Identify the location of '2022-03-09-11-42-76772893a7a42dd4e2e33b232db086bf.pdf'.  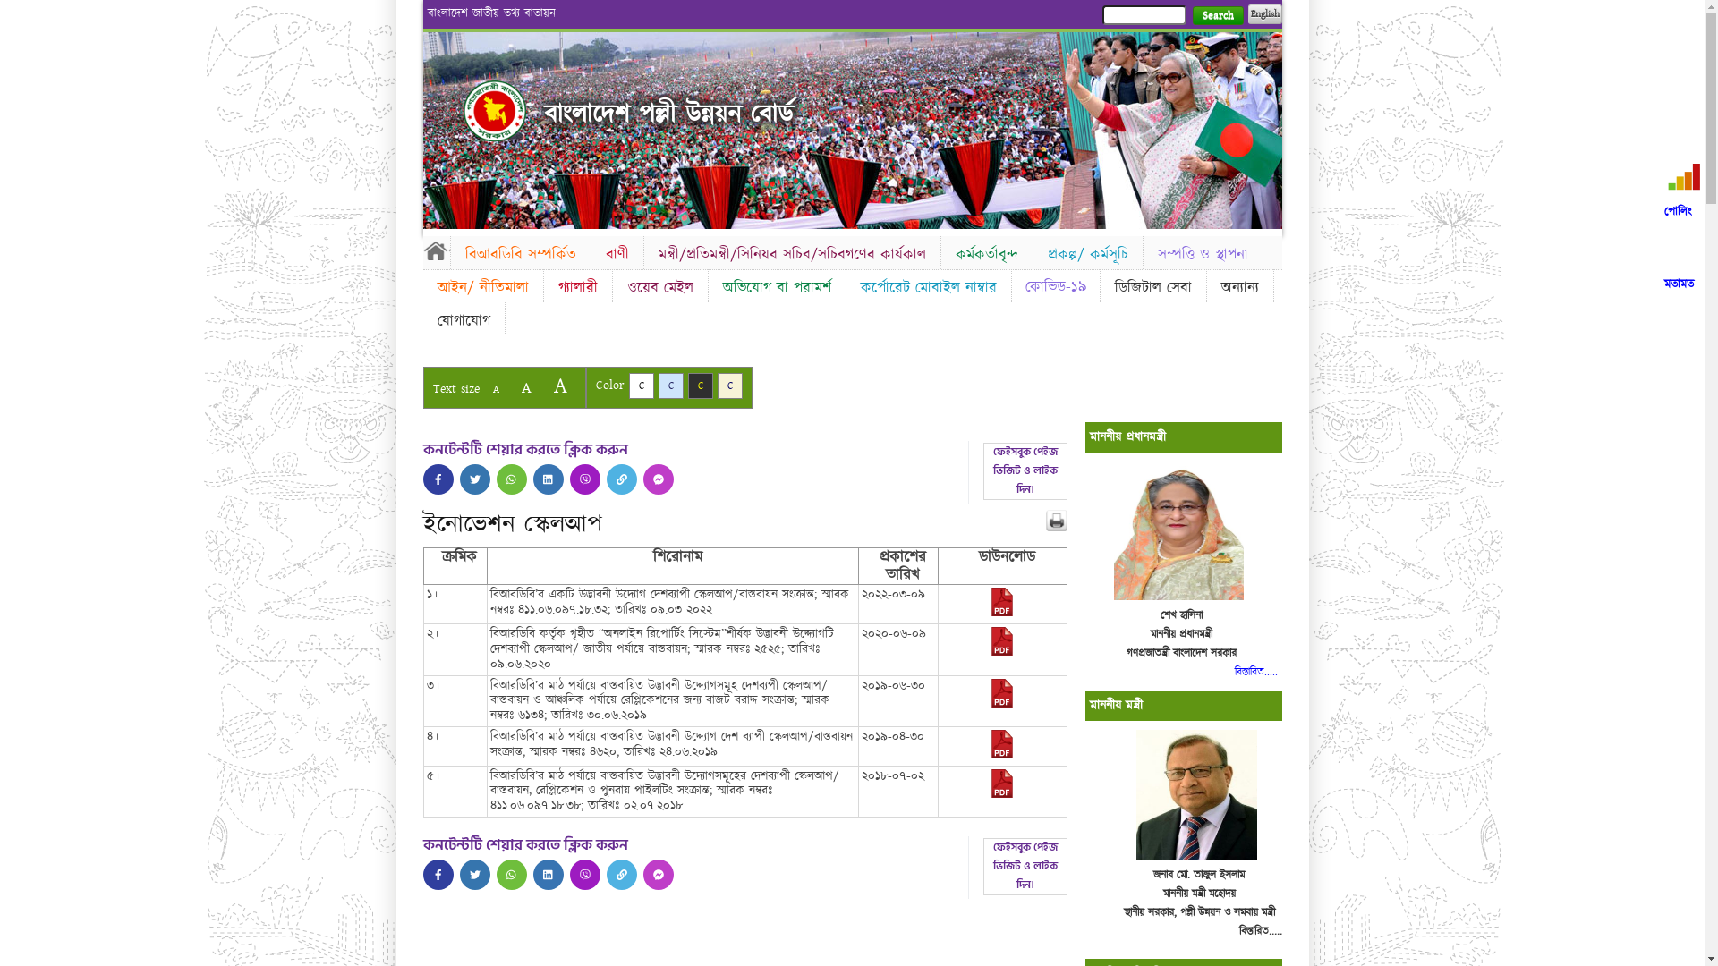
(1000, 612).